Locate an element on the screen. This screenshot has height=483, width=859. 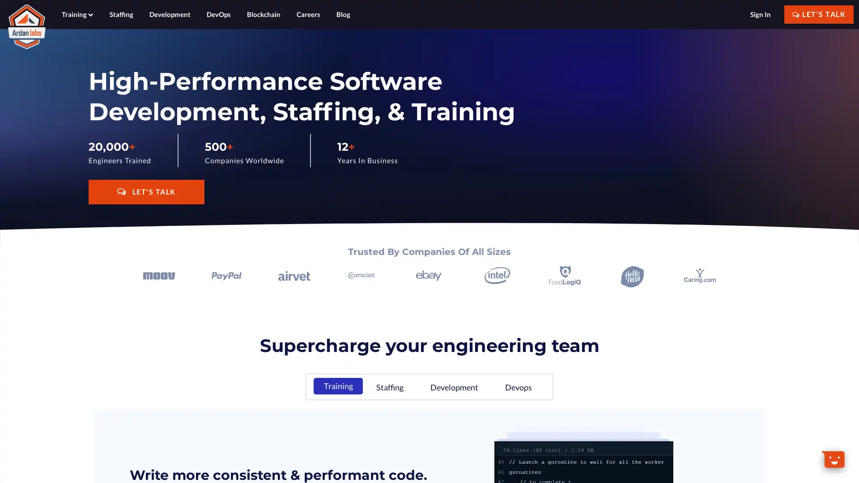
Open is located at coordinates (832, 459).